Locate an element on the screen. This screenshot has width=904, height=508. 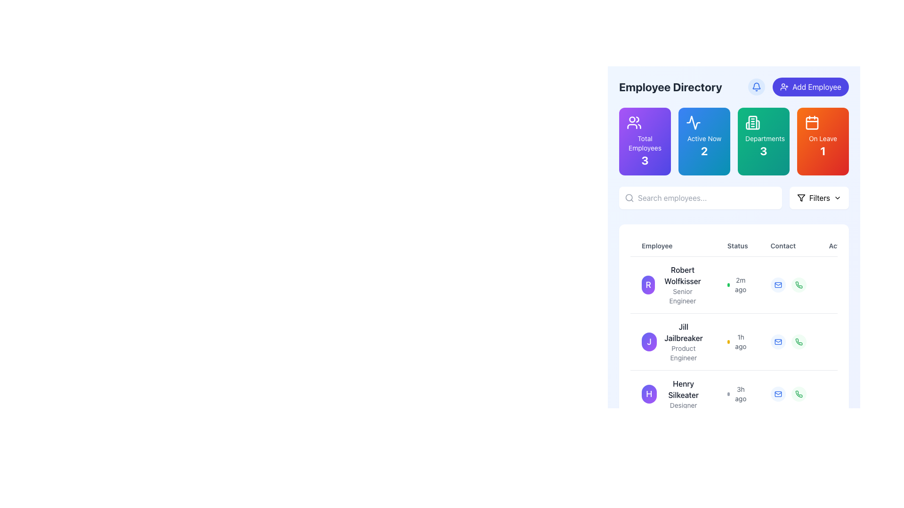
the circular purple badge with a gradient and the white letter 'J' representing Jill Jailbreaker's profile picture in the Employee Directory interface is located at coordinates (649, 341).